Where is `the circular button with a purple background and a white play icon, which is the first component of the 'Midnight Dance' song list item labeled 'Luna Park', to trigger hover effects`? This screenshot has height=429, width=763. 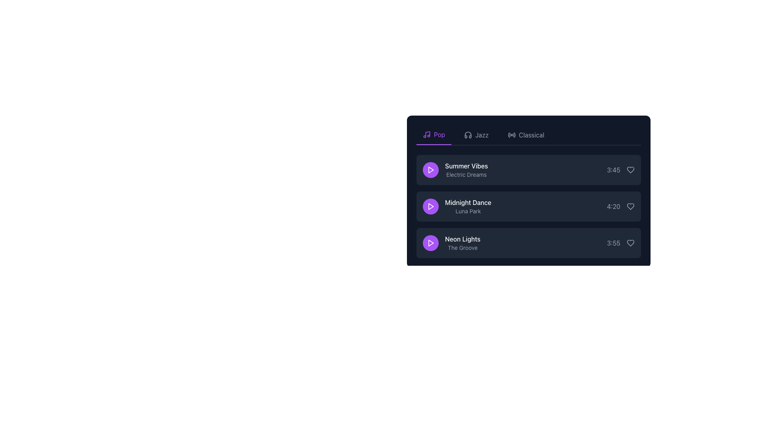
the circular button with a purple background and a white play icon, which is the first component of the 'Midnight Dance' song list item labeled 'Luna Park', to trigger hover effects is located at coordinates (430, 206).